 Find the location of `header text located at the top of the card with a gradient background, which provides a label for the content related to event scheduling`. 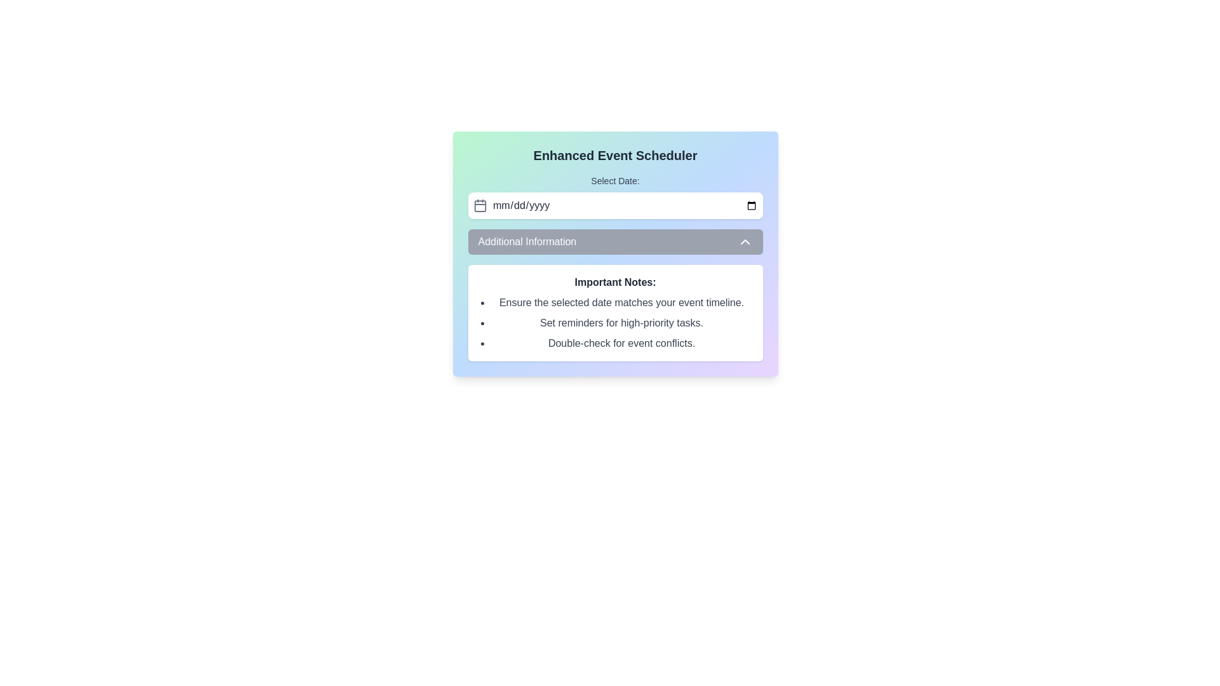

header text located at the top of the card with a gradient background, which provides a label for the content related to event scheduling is located at coordinates (615, 155).